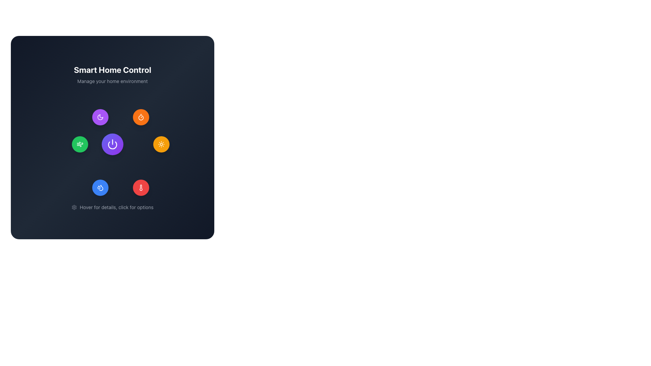  What do you see at coordinates (112, 144) in the screenshot?
I see `the power toggle button located at the center-bottom of the circular button group` at bounding box center [112, 144].